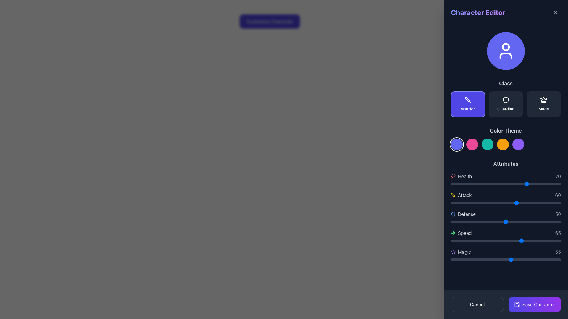 The height and width of the screenshot is (319, 568). What do you see at coordinates (549, 259) in the screenshot?
I see `the magic attribute` at bounding box center [549, 259].